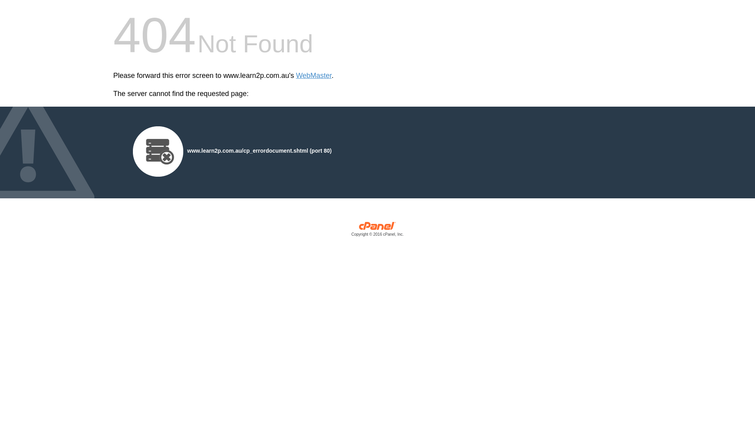 This screenshot has height=425, width=755. What do you see at coordinates (296, 76) in the screenshot?
I see `'WebMaster'` at bounding box center [296, 76].